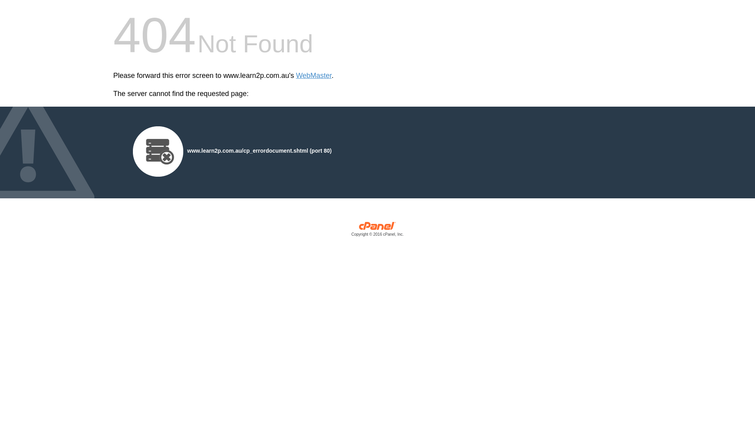 This screenshot has height=425, width=755. What do you see at coordinates (296, 76) in the screenshot?
I see `'WebMaster'` at bounding box center [296, 76].